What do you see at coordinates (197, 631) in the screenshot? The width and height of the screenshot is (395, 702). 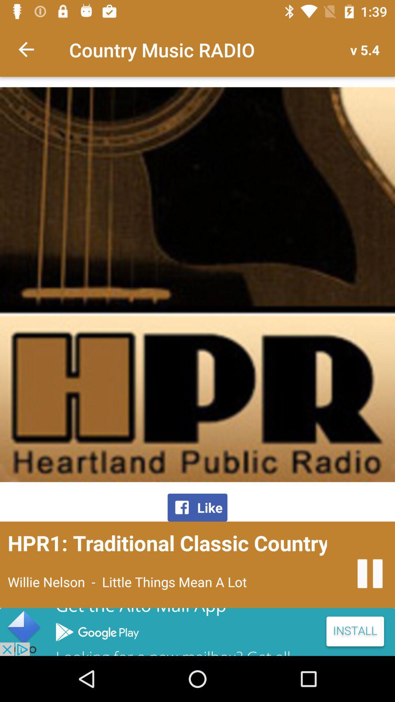 I see `advertise page` at bounding box center [197, 631].